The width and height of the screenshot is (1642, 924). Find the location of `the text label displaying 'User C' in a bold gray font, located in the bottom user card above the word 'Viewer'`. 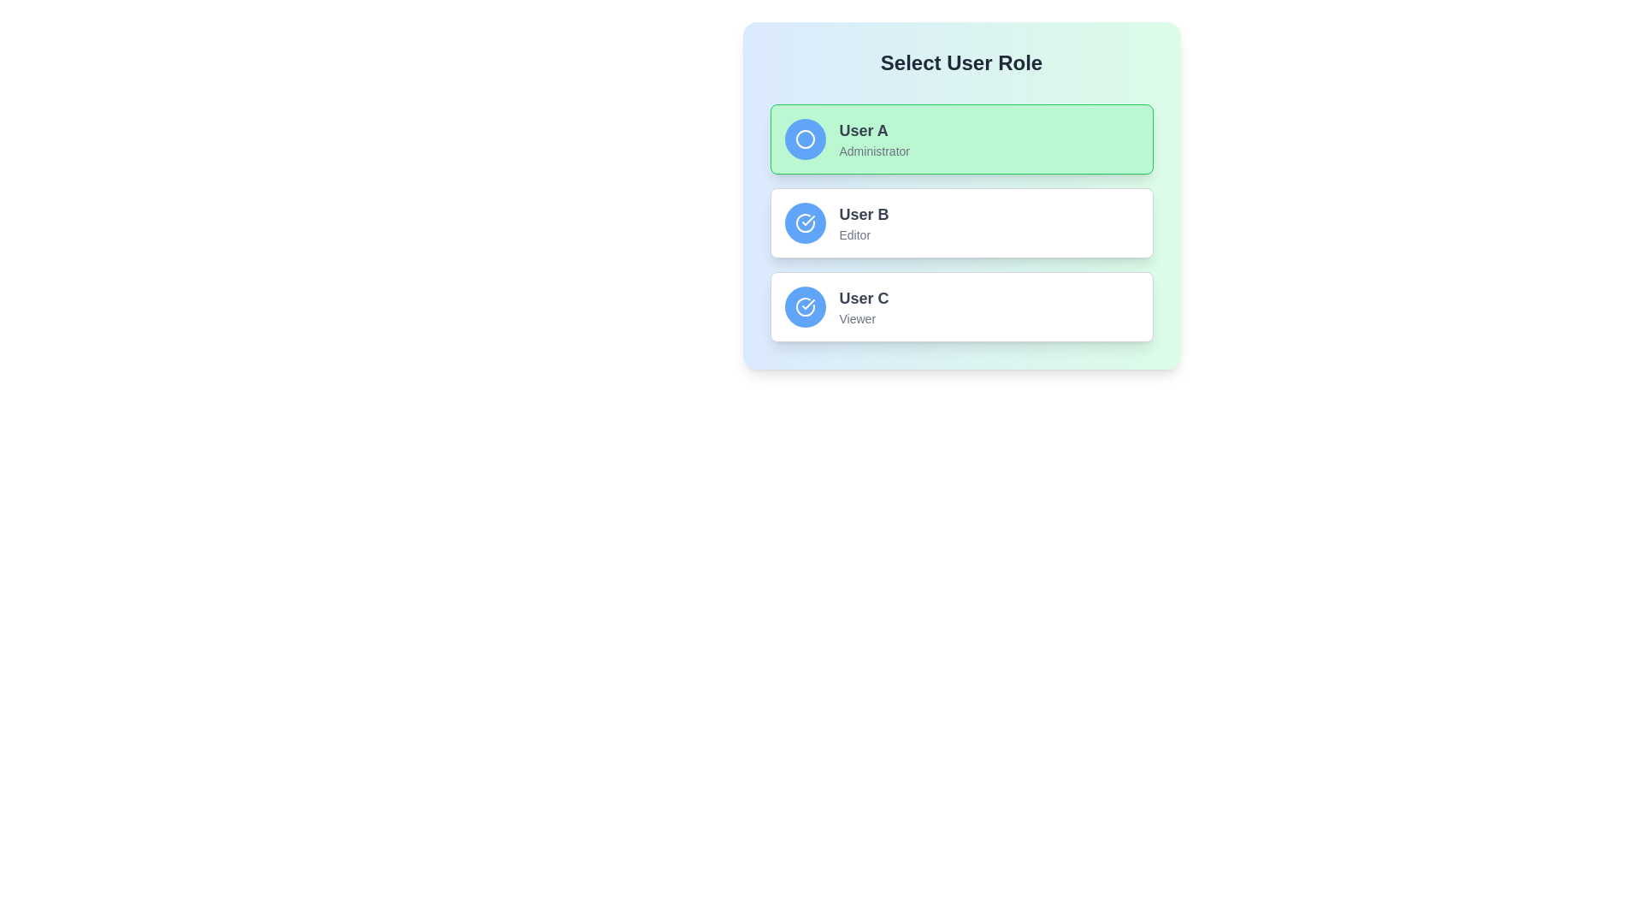

the text label displaying 'User C' in a bold gray font, located in the bottom user card above the word 'Viewer' is located at coordinates (864, 297).